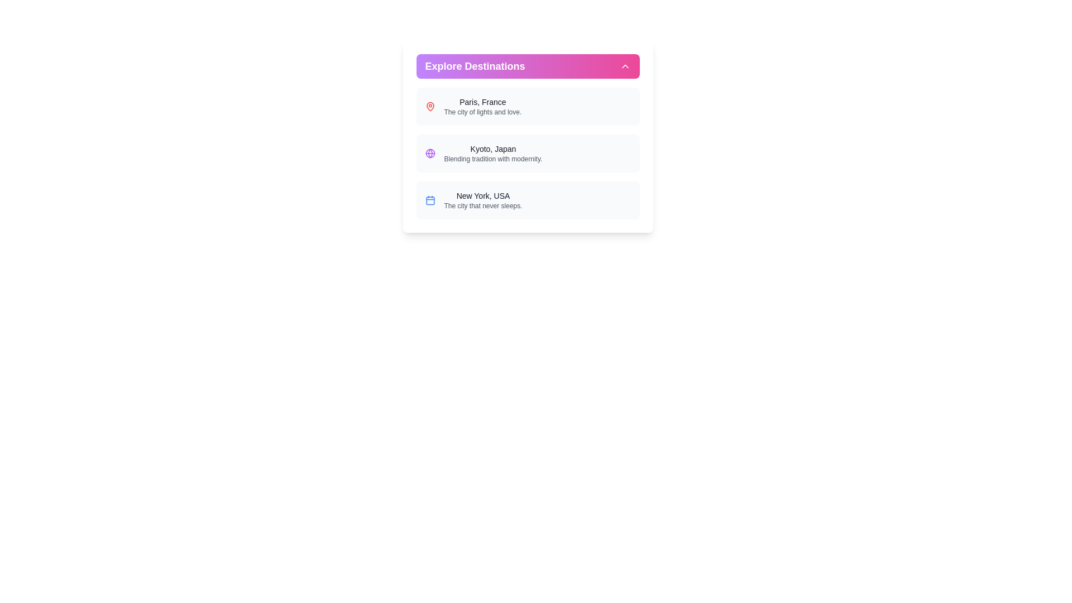 Image resolution: width=1072 pixels, height=603 pixels. Describe the element at coordinates (492, 153) in the screenshot. I see `the static text component displaying 'Kyoto, Japan' located in the 'Explore Destinations' section, which presents information about the destination with a tagline` at that location.